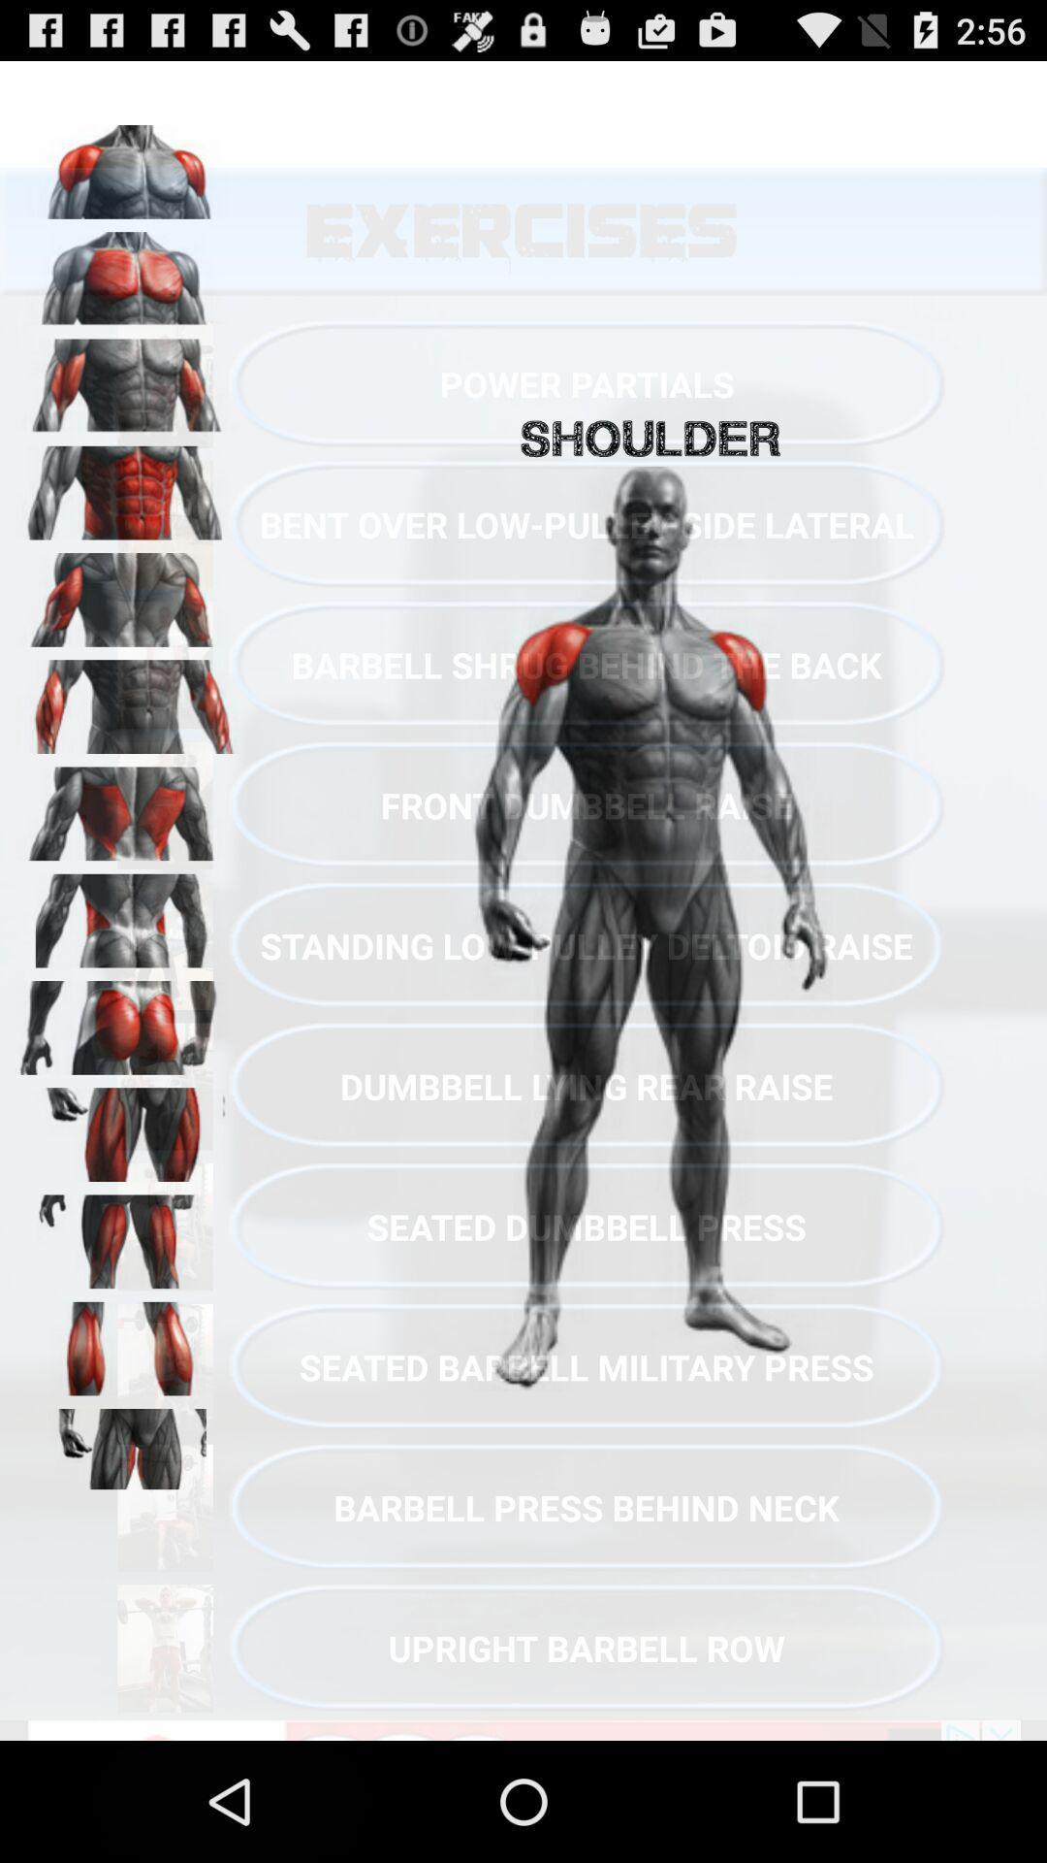 The image size is (1047, 1863). What do you see at coordinates (127, 486) in the screenshot?
I see `abs` at bounding box center [127, 486].